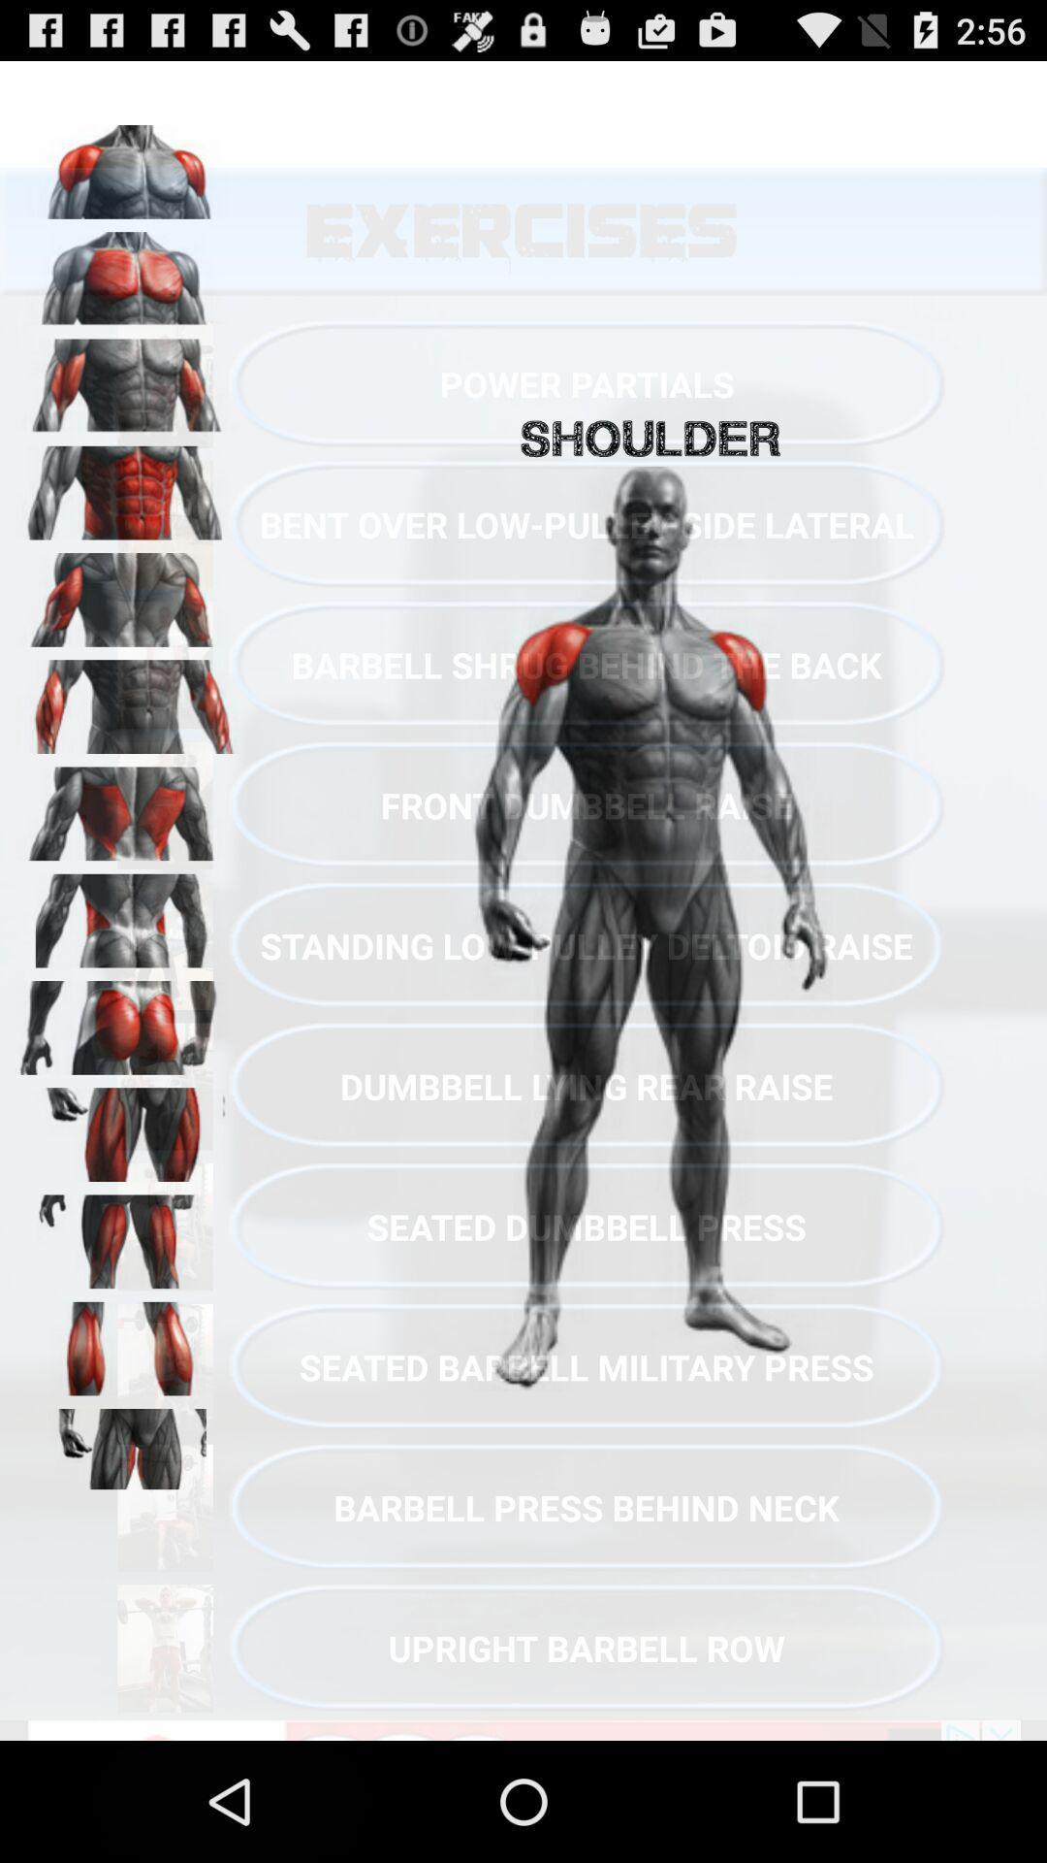 The image size is (1047, 1863). What do you see at coordinates (127, 486) in the screenshot?
I see `abs` at bounding box center [127, 486].